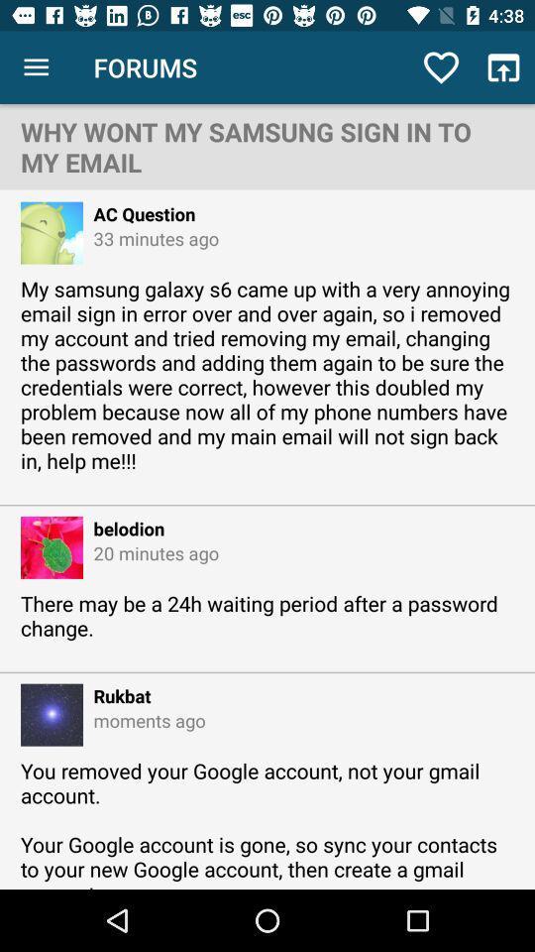 This screenshot has height=952, width=535. What do you see at coordinates (267, 823) in the screenshot?
I see `the you removed your` at bounding box center [267, 823].